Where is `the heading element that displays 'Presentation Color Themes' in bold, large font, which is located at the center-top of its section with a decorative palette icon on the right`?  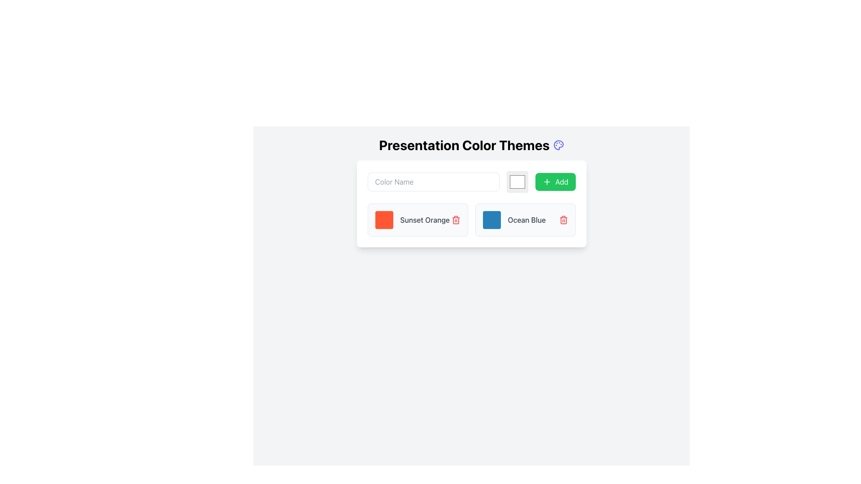
the heading element that displays 'Presentation Color Themes' in bold, large font, which is located at the center-top of its section with a decorative palette icon on the right is located at coordinates (471, 145).